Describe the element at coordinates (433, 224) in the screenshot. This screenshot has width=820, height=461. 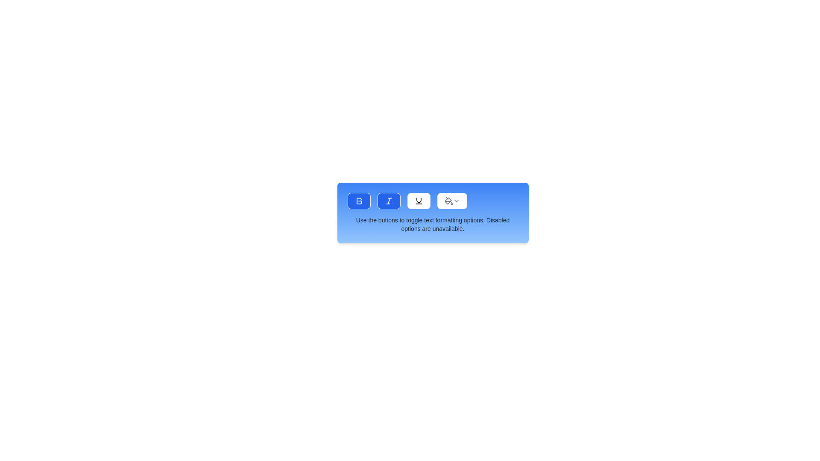
I see `text label that states 'Use the buttons to toggle text formatting options. Disabled options are unavailable.' located at the bottom of the blue-styled panel` at that location.